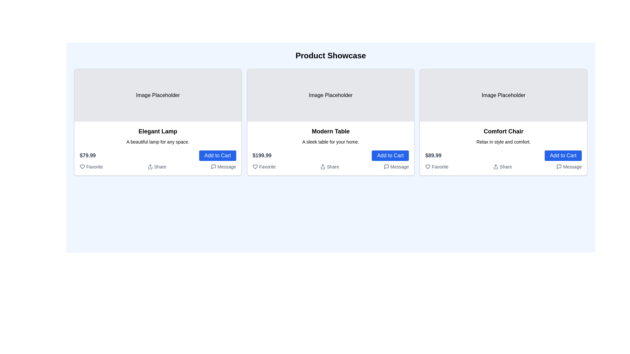 This screenshot has width=630, height=354. I want to click on the text block displaying the title 'Modern Table', which is prominently styled in large, bold font and located at the top of the product card in the central column of the layout, so click(331, 131).